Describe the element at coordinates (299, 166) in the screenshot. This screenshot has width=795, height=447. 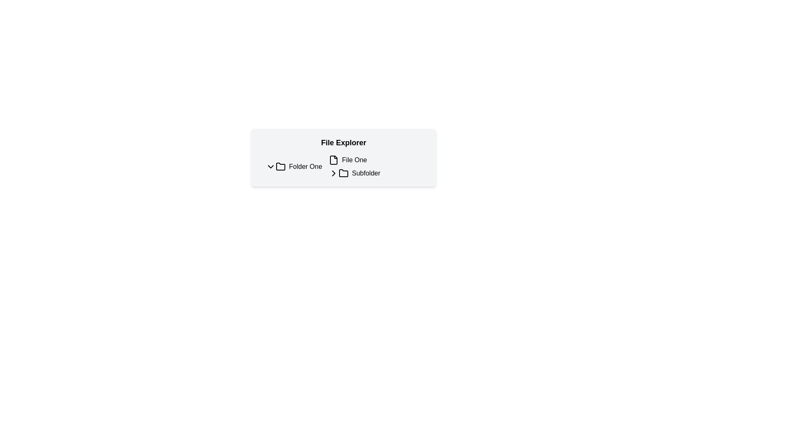
I see `the 'Folder One' entry, which is a folder icon followed by the text label` at that location.